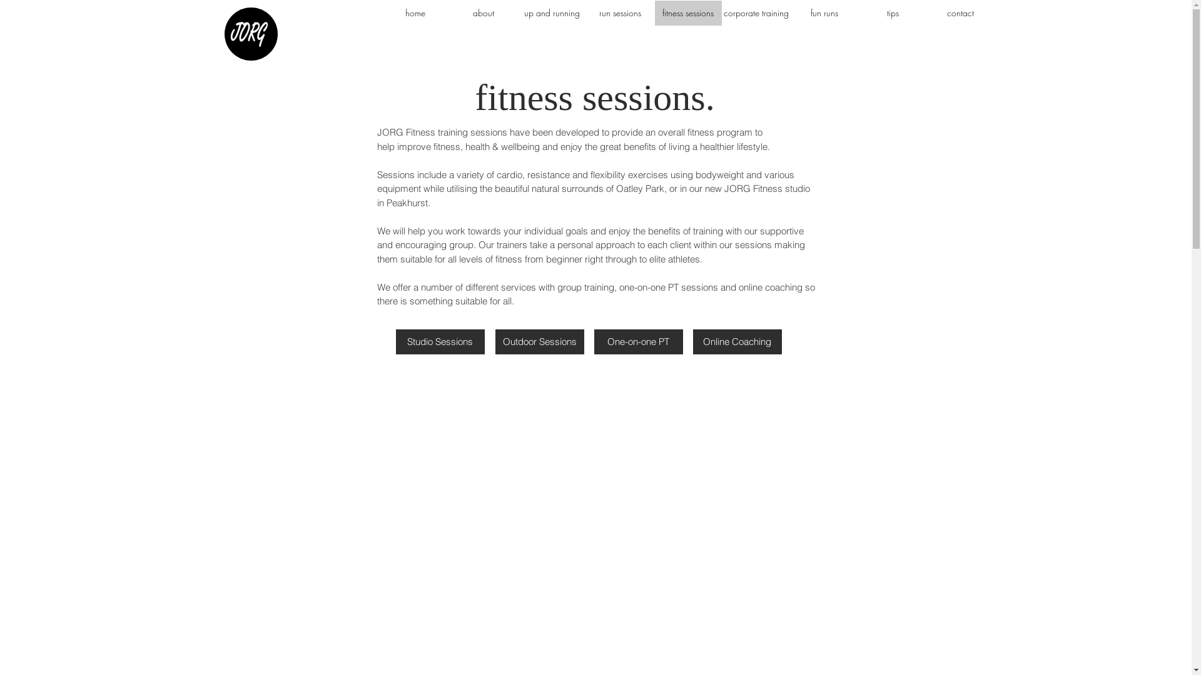 This screenshot has height=675, width=1201. What do you see at coordinates (395, 341) in the screenshot?
I see `'Studio Sessions'` at bounding box center [395, 341].